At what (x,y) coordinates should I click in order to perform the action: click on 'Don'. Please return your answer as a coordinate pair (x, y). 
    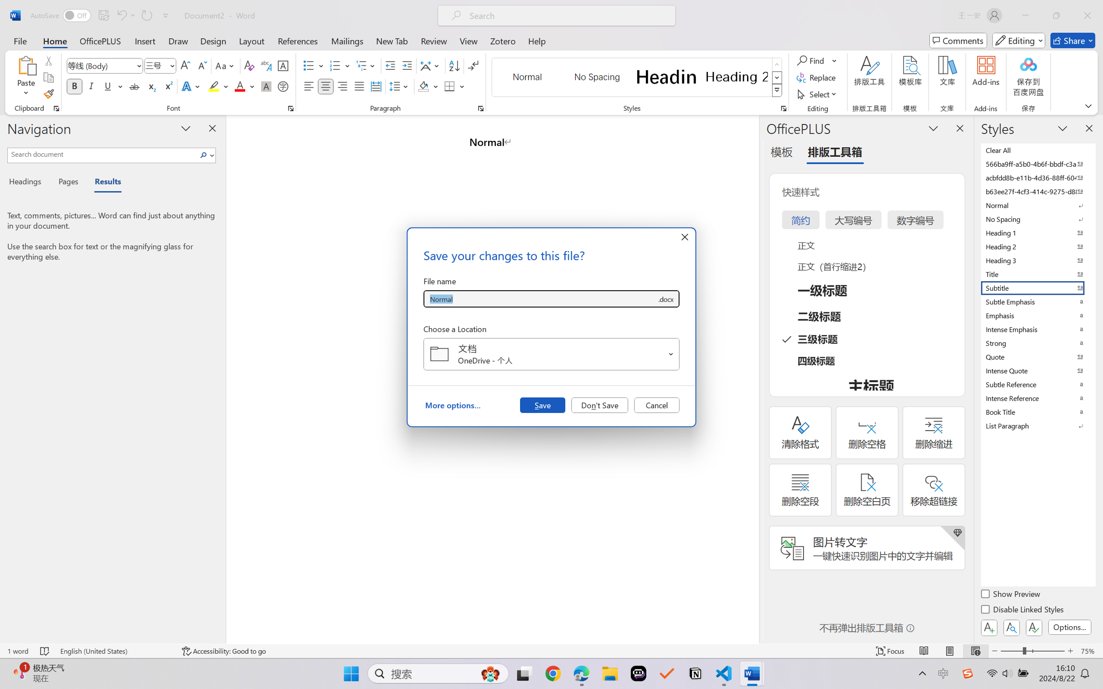
    Looking at the image, I should click on (599, 404).